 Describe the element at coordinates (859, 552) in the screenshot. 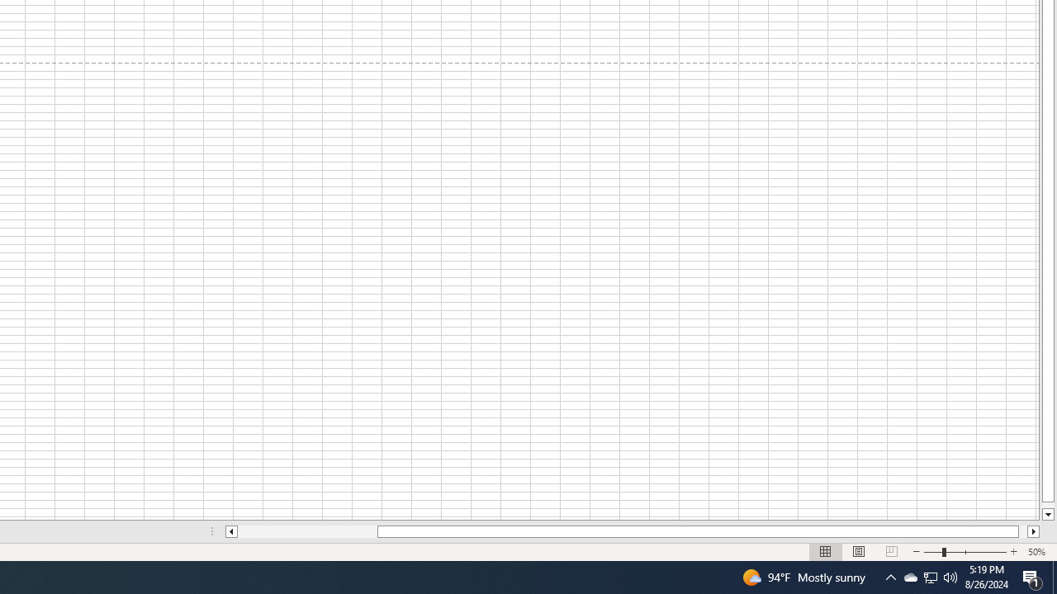

I see `'Page Layout'` at that location.